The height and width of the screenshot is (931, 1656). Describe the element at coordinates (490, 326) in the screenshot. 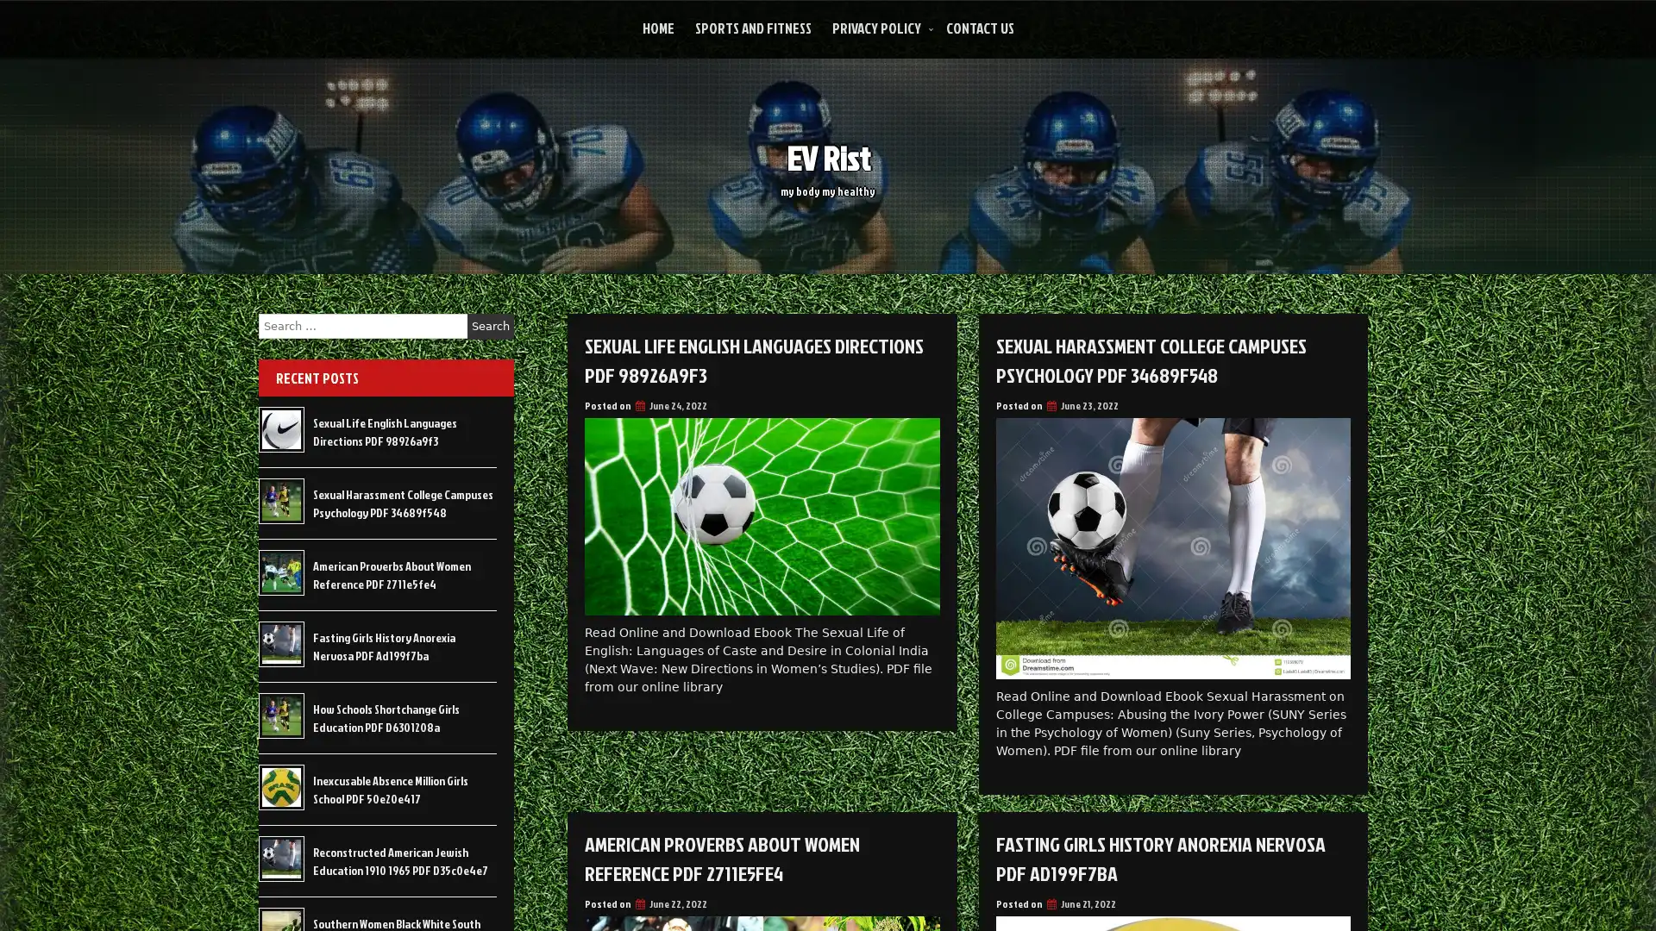

I see `Search` at that location.